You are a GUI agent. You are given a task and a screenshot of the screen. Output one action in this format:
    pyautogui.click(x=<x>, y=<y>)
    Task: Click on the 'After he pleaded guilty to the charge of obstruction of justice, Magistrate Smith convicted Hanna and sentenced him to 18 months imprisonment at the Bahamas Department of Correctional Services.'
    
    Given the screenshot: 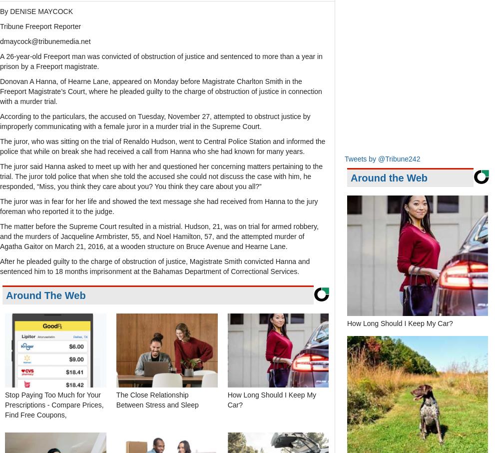 What is the action you would take?
    pyautogui.click(x=154, y=266)
    